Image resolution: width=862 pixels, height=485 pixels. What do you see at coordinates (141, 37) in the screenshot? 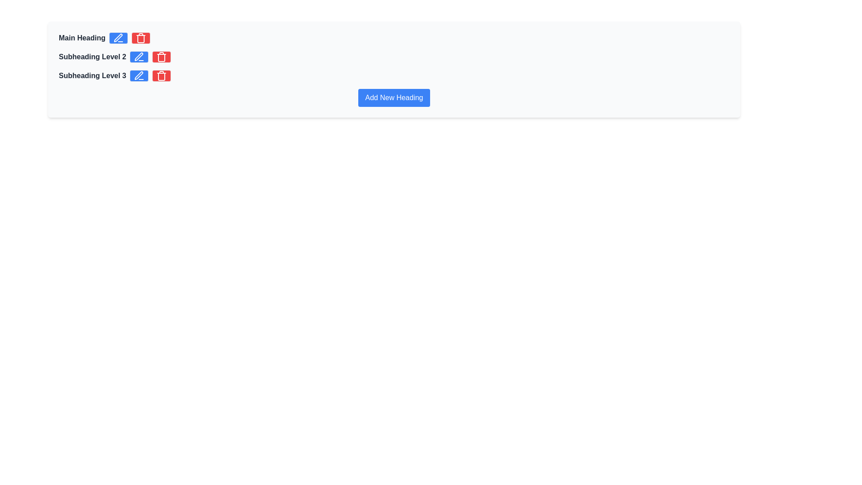
I see `the delete button, which is the third element in a horizontal group aligned to the right of 'Main Heading'` at bounding box center [141, 37].